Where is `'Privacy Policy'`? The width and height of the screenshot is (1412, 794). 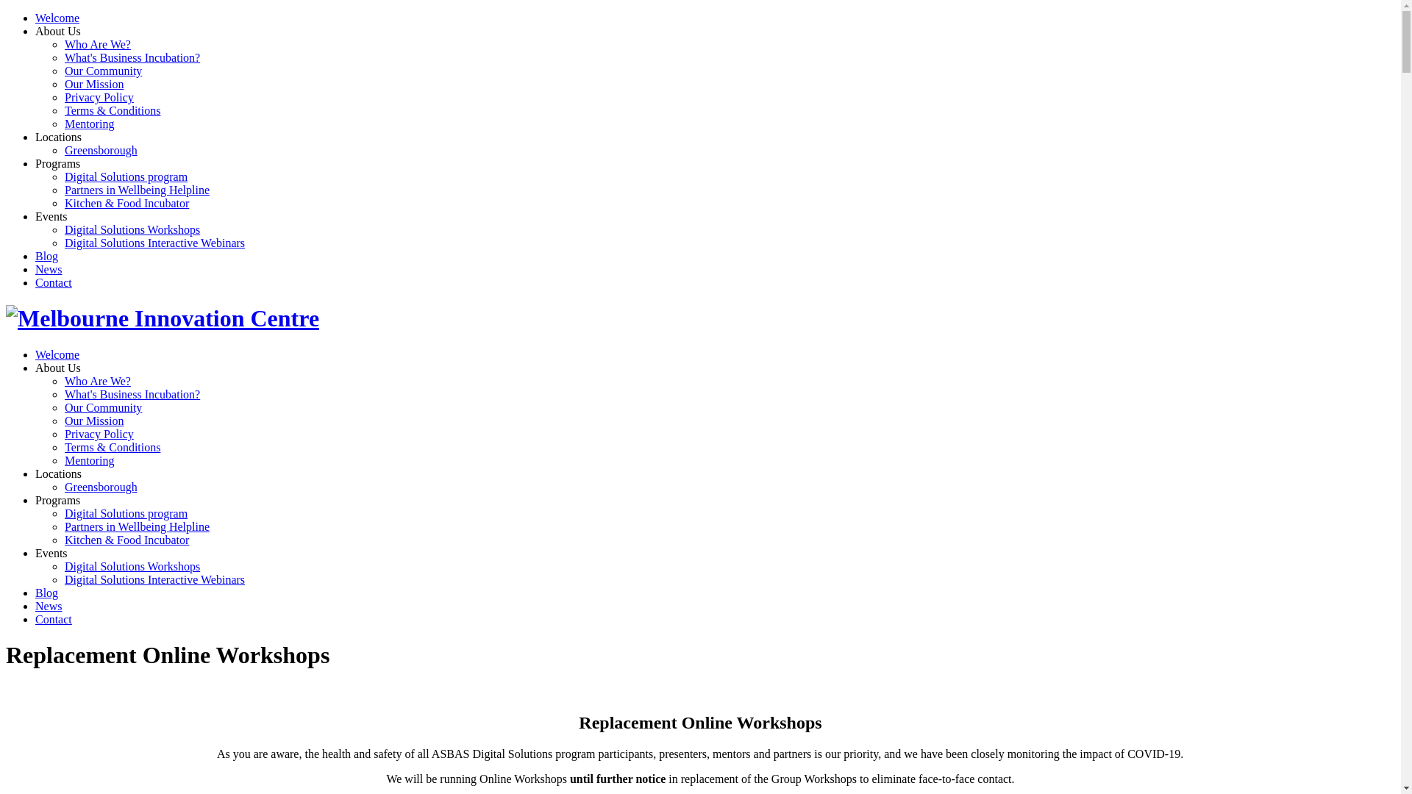
'Privacy Policy' is located at coordinates (98, 433).